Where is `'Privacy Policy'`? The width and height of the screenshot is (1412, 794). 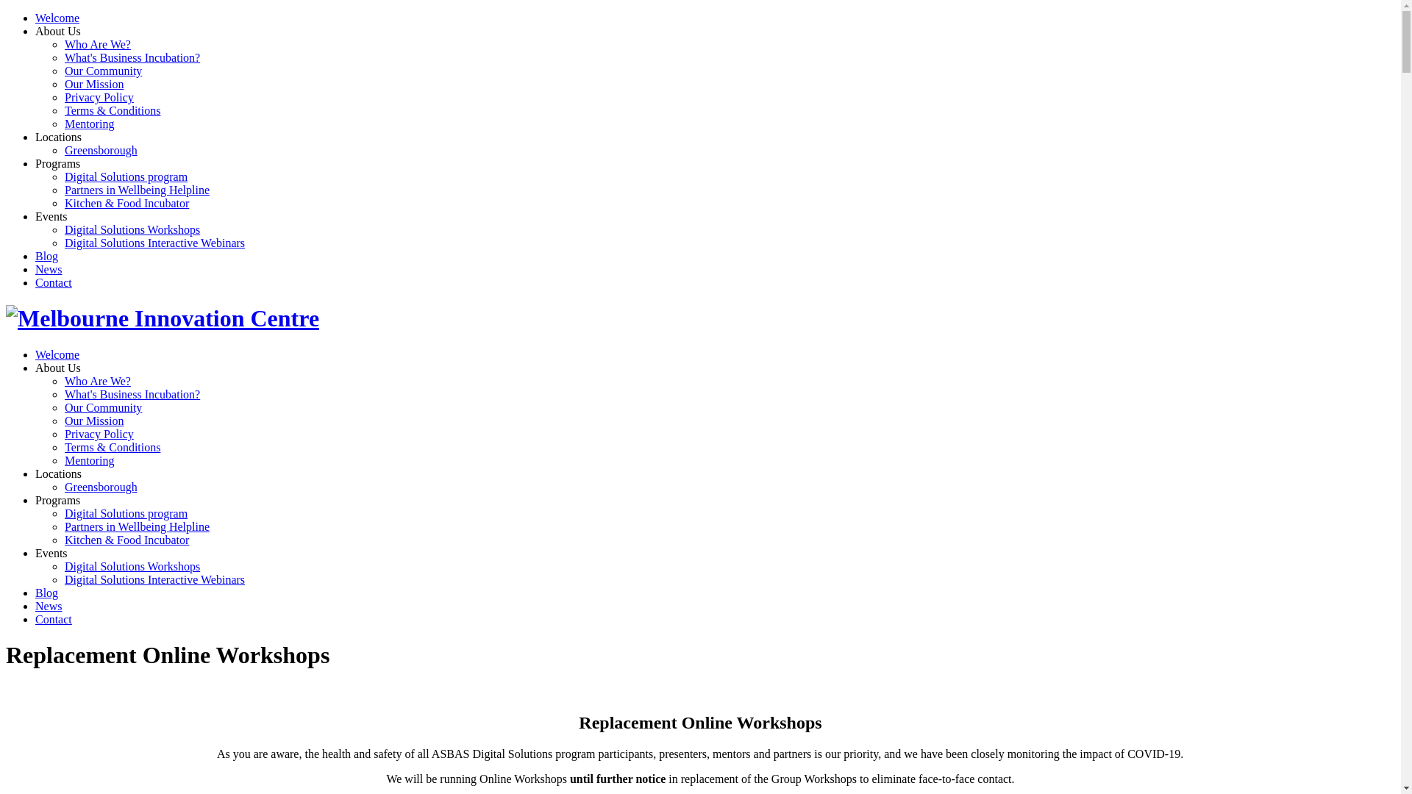
'Privacy Policy' is located at coordinates (98, 433).